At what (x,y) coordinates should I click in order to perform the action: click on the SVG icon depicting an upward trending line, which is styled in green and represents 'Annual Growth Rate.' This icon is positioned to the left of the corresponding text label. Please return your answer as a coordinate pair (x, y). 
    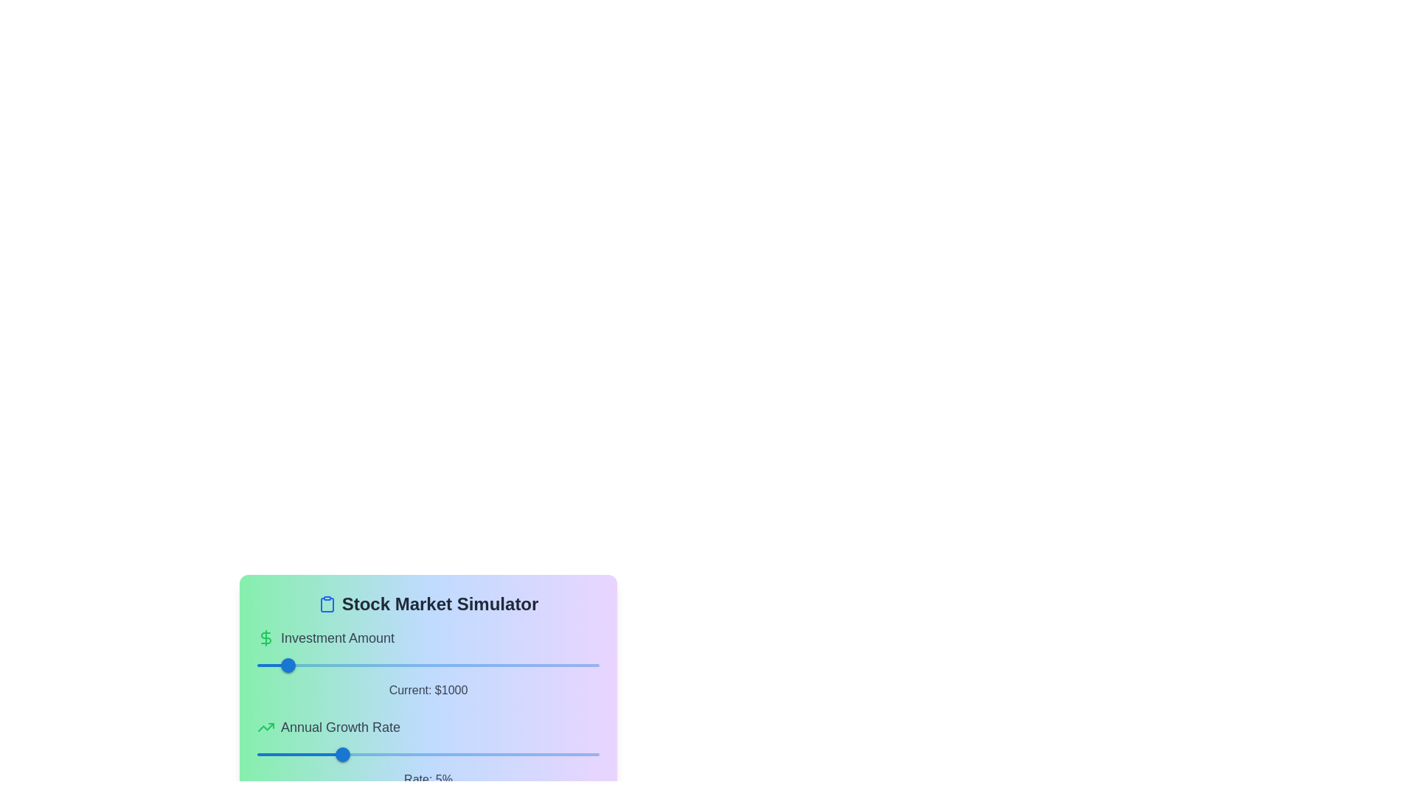
    Looking at the image, I should click on (265, 727).